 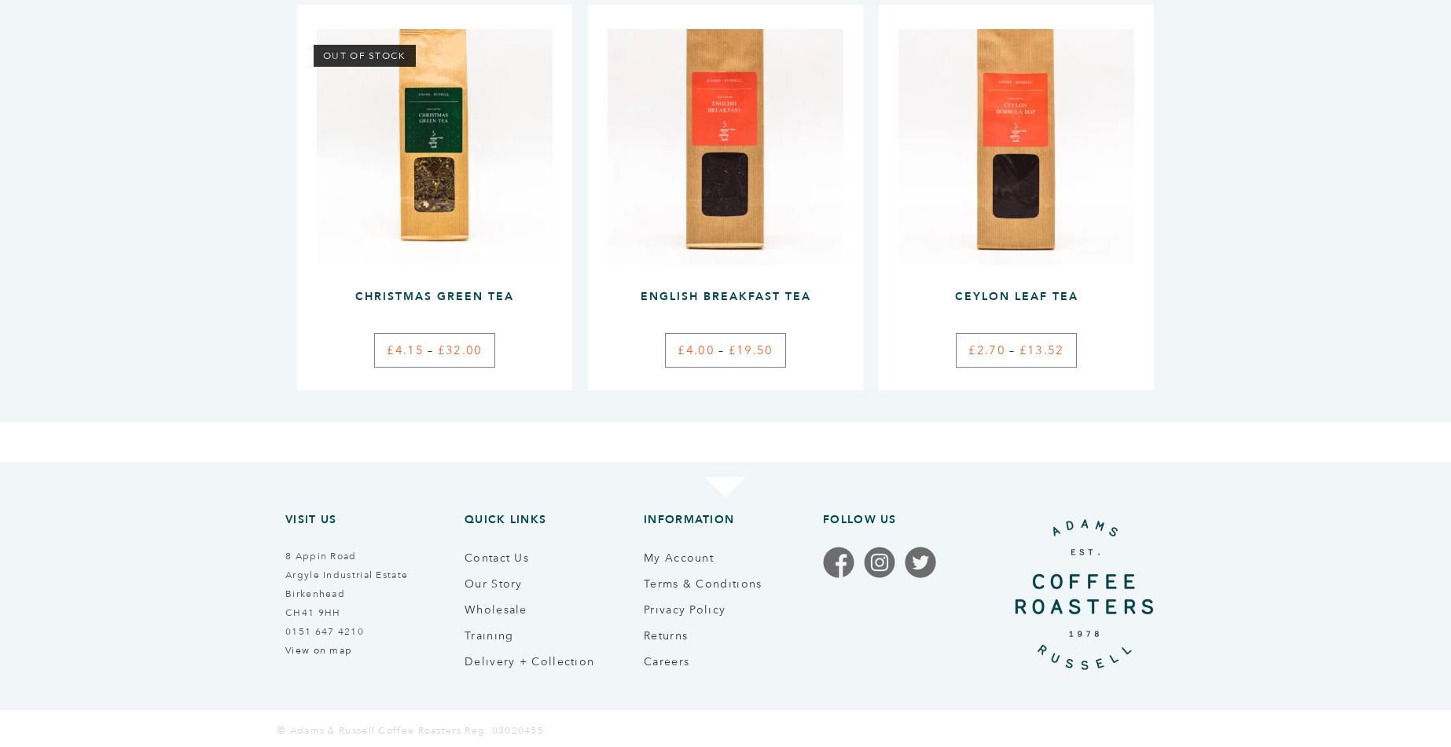 What do you see at coordinates (678, 555) in the screenshot?
I see `'My Account'` at bounding box center [678, 555].